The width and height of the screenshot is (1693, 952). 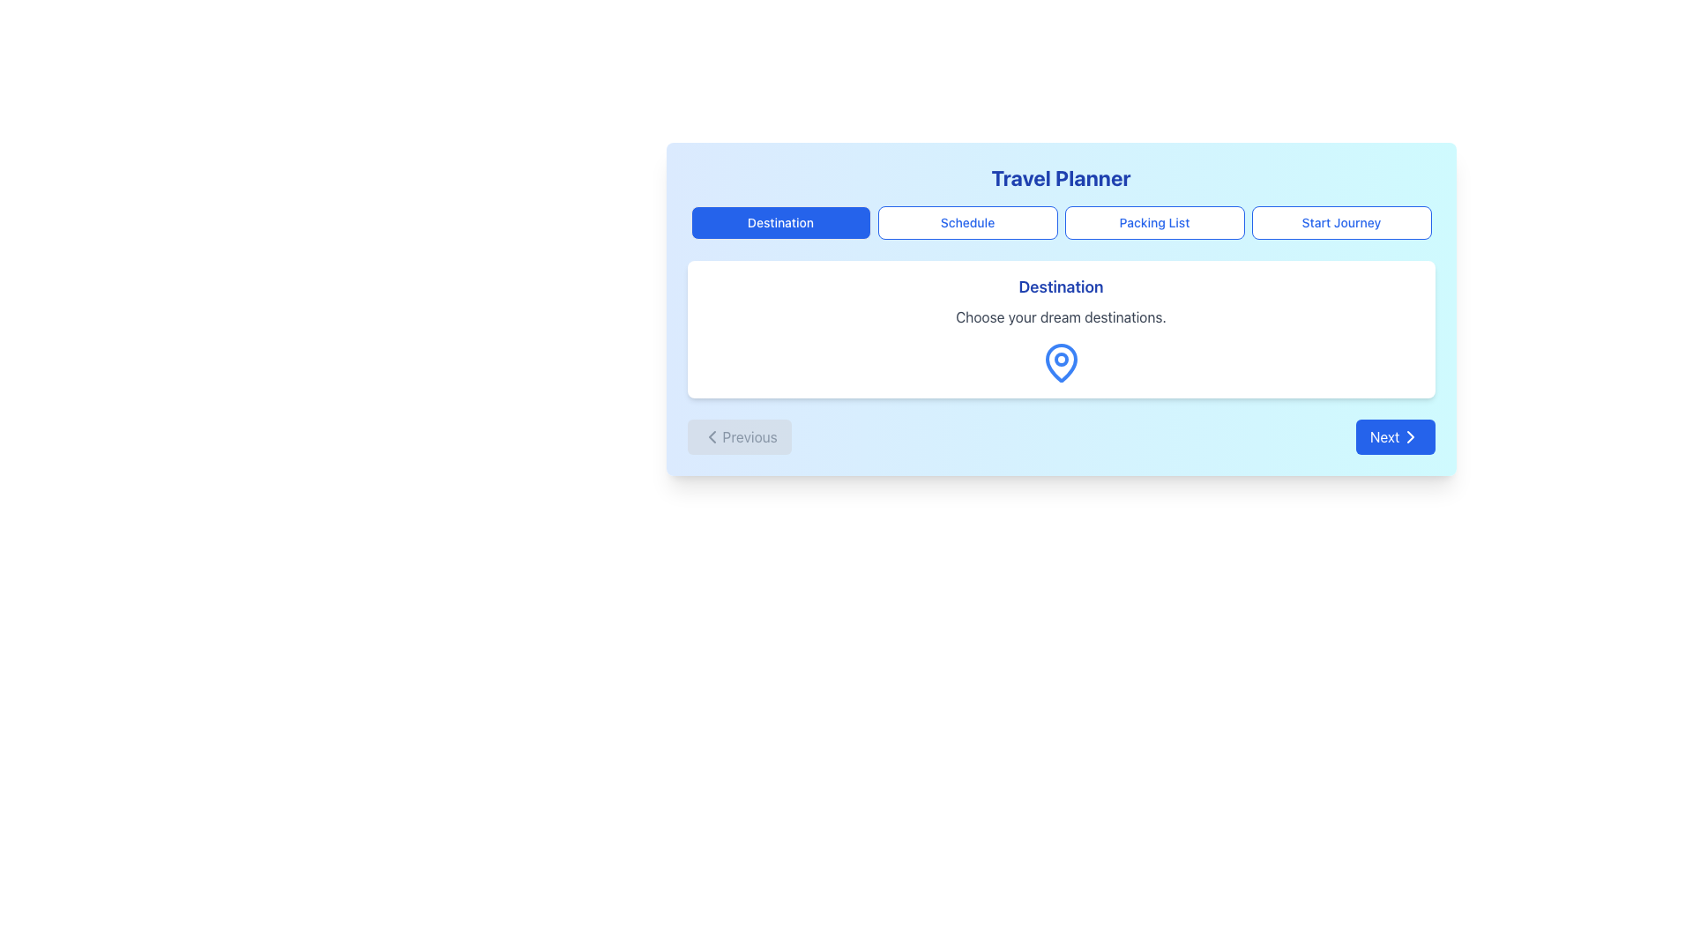 What do you see at coordinates (1060, 362) in the screenshot?
I see `the blue map pin icon located at the center of the 'Destination' panel in the 'Travel Planner' interface` at bounding box center [1060, 362].